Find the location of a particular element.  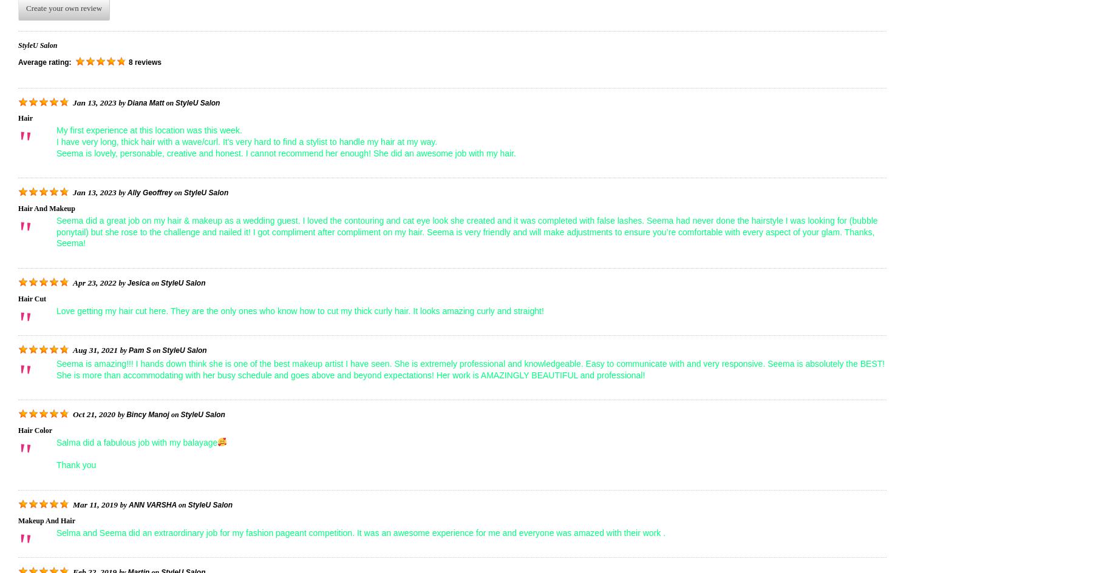

'Pam S' is located at coordinates (139, 350).